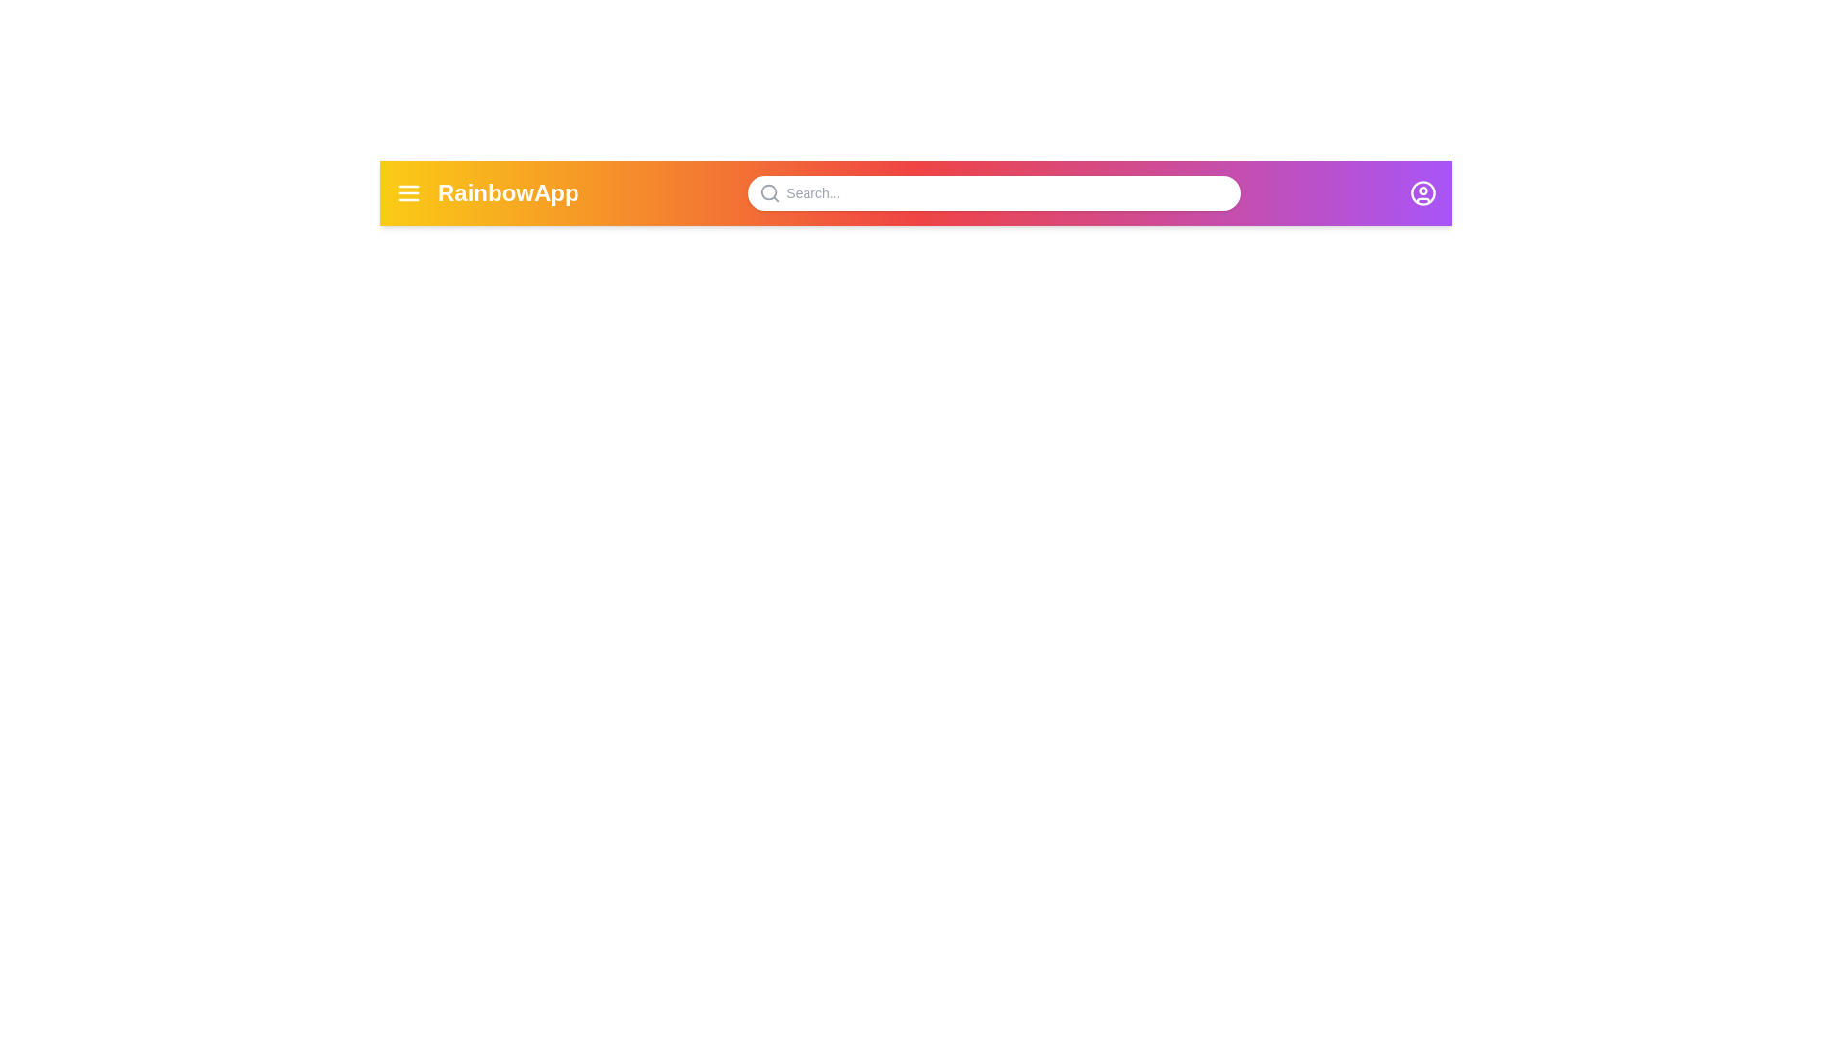  Describe the element at coordinates (1423, 192) in the screenshot. I see `the user profile icon` at that location.